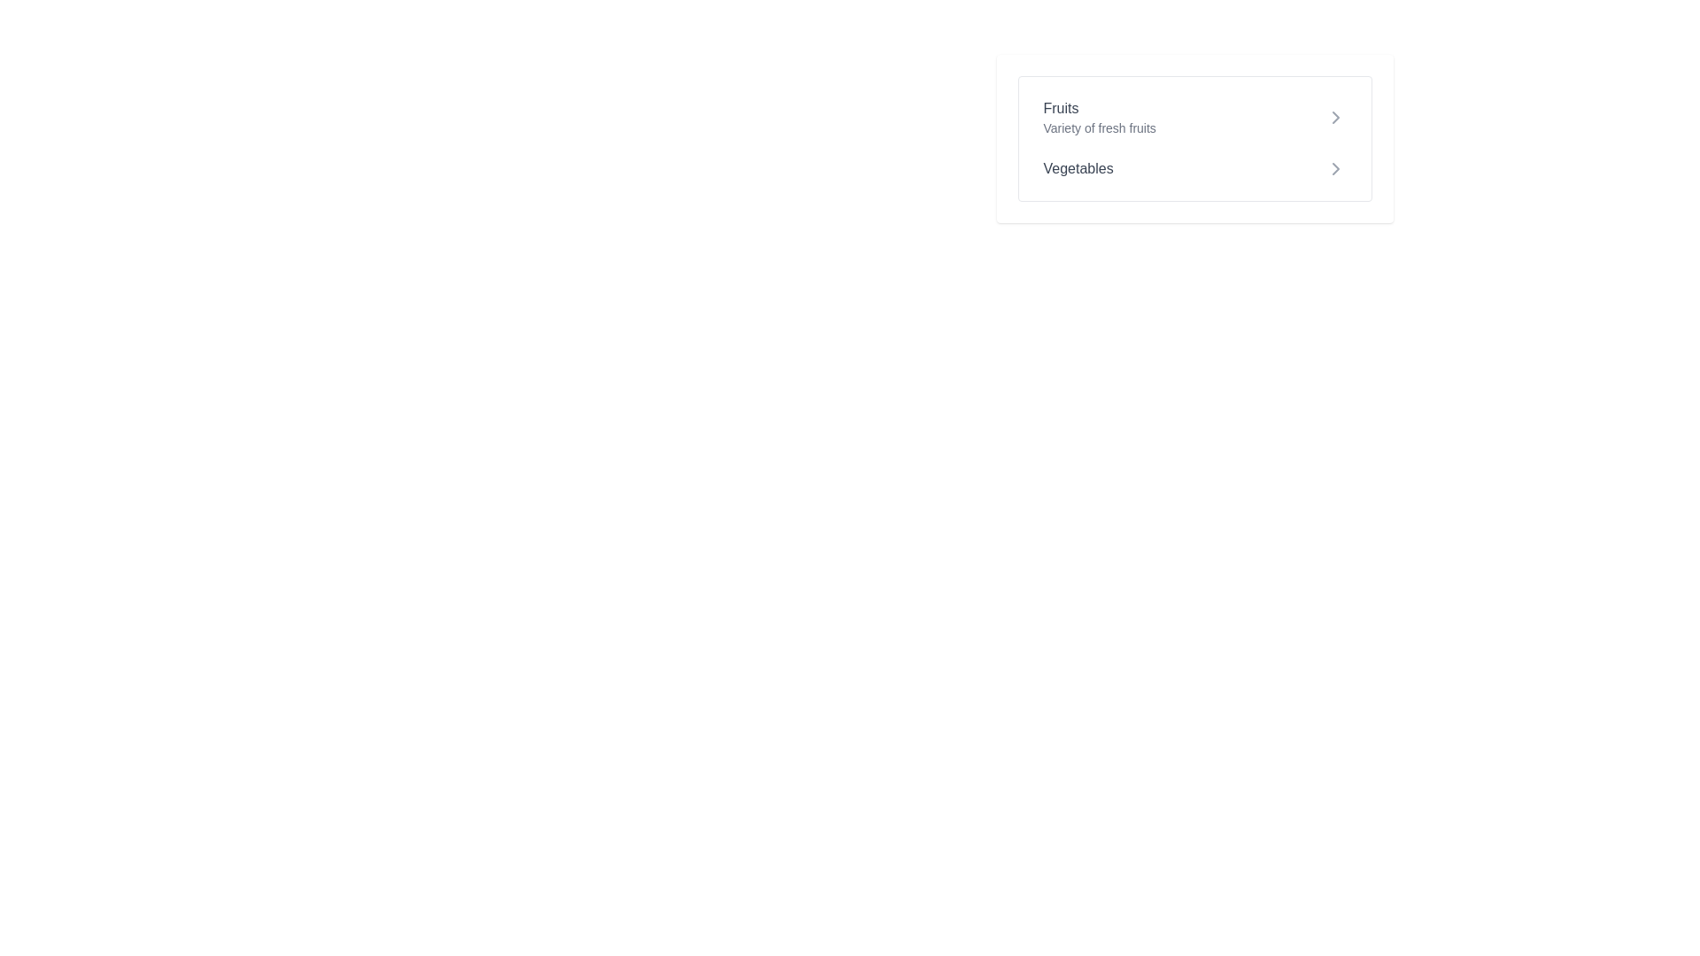 The width and height of the screenshot is (1700, 956). I want to click on the Label displaying 'Fruits' and 'Variety of fresh fruits' located in the first list item of a vertically stacked list, so click(1099, 117).